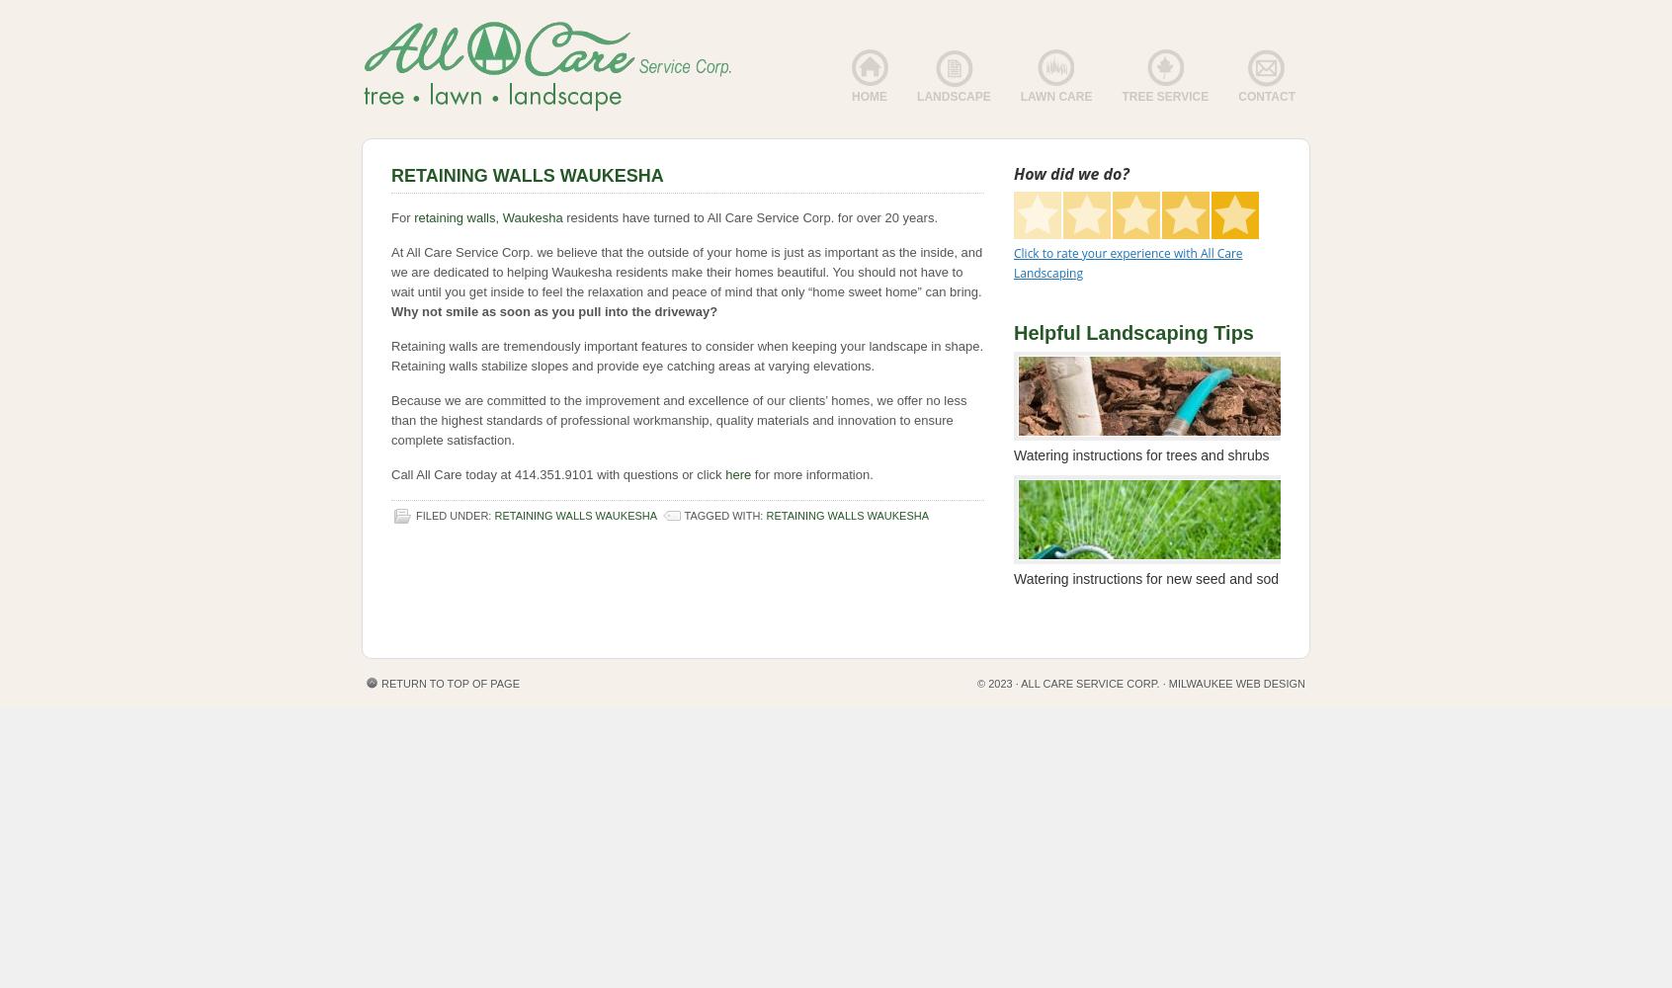  What do you see at coordinates (749, 216) in the screenshot?
I see `'residents have turned to All Care Service Corp. for over 20 years.'` at bounding box center [749, 216].